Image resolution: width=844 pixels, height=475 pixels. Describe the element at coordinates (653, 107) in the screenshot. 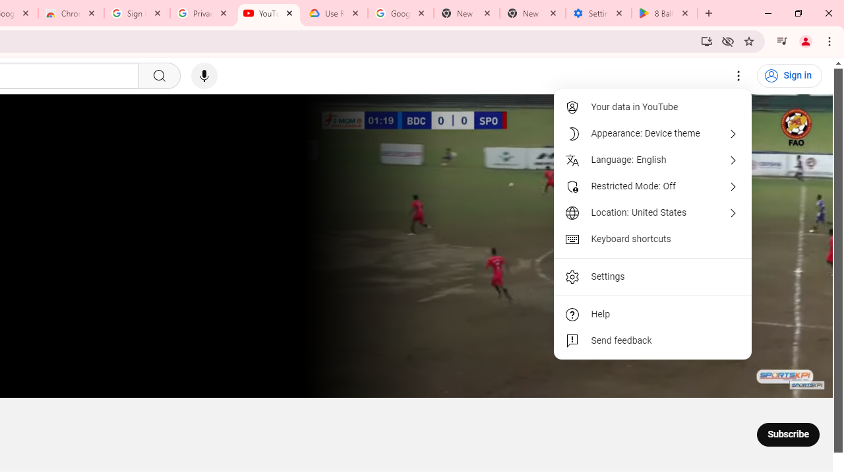

I see `'Your data in YouTube'` at that location.